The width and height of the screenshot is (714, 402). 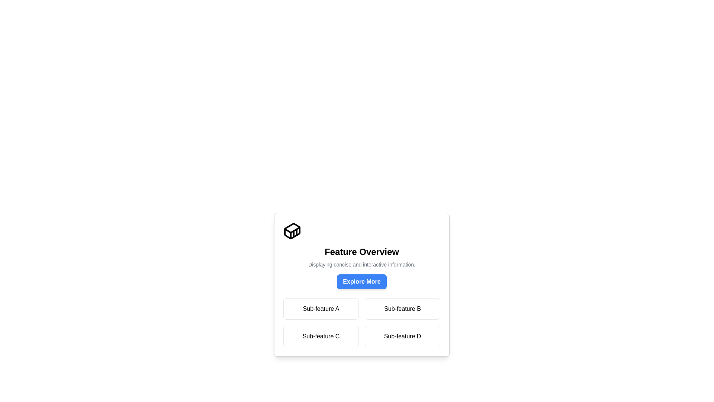 What do you see at coordinates (362, 264) in the screenshot?
I see `the text label that displays the phrase 'Displaying concise and interactive information.' which is styled in gray and positioned between the heading 'Feature Overview' and the button 'Explore More'` at bounding box center [362, 264].